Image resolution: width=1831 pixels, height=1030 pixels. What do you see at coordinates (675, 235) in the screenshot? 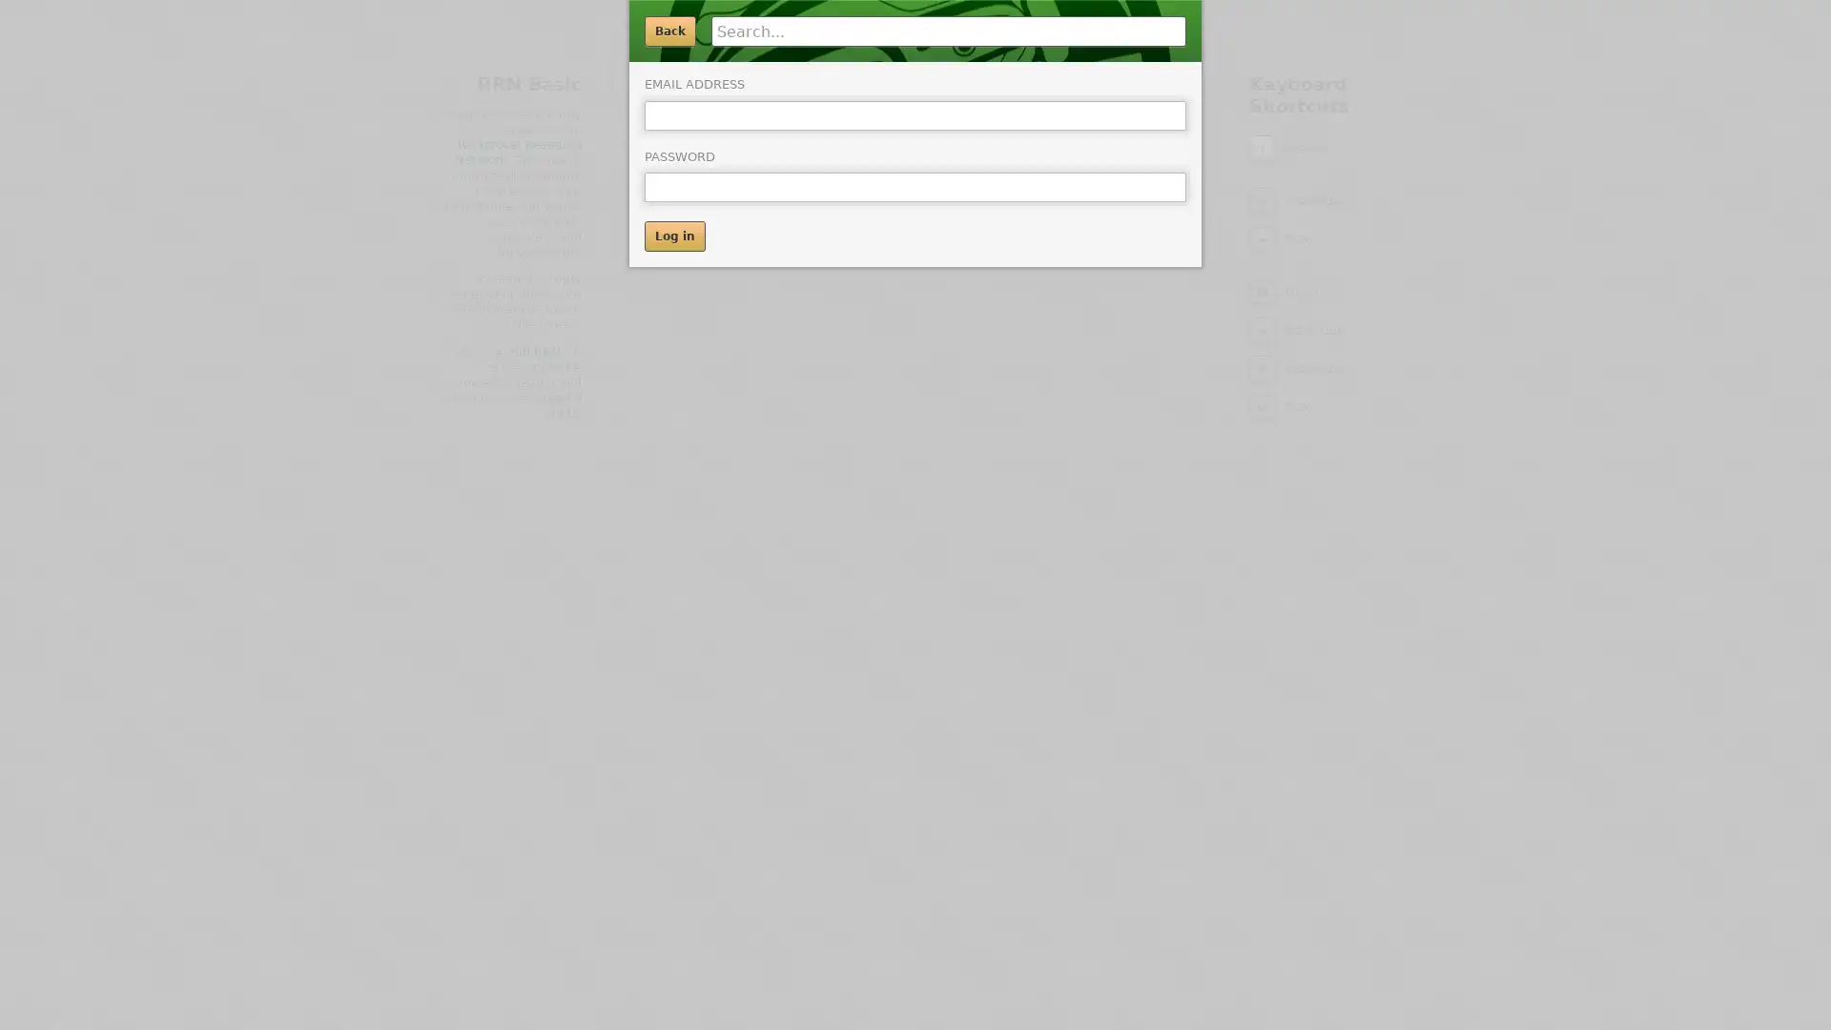
I see `Log in` at bounding box center [675, 235].